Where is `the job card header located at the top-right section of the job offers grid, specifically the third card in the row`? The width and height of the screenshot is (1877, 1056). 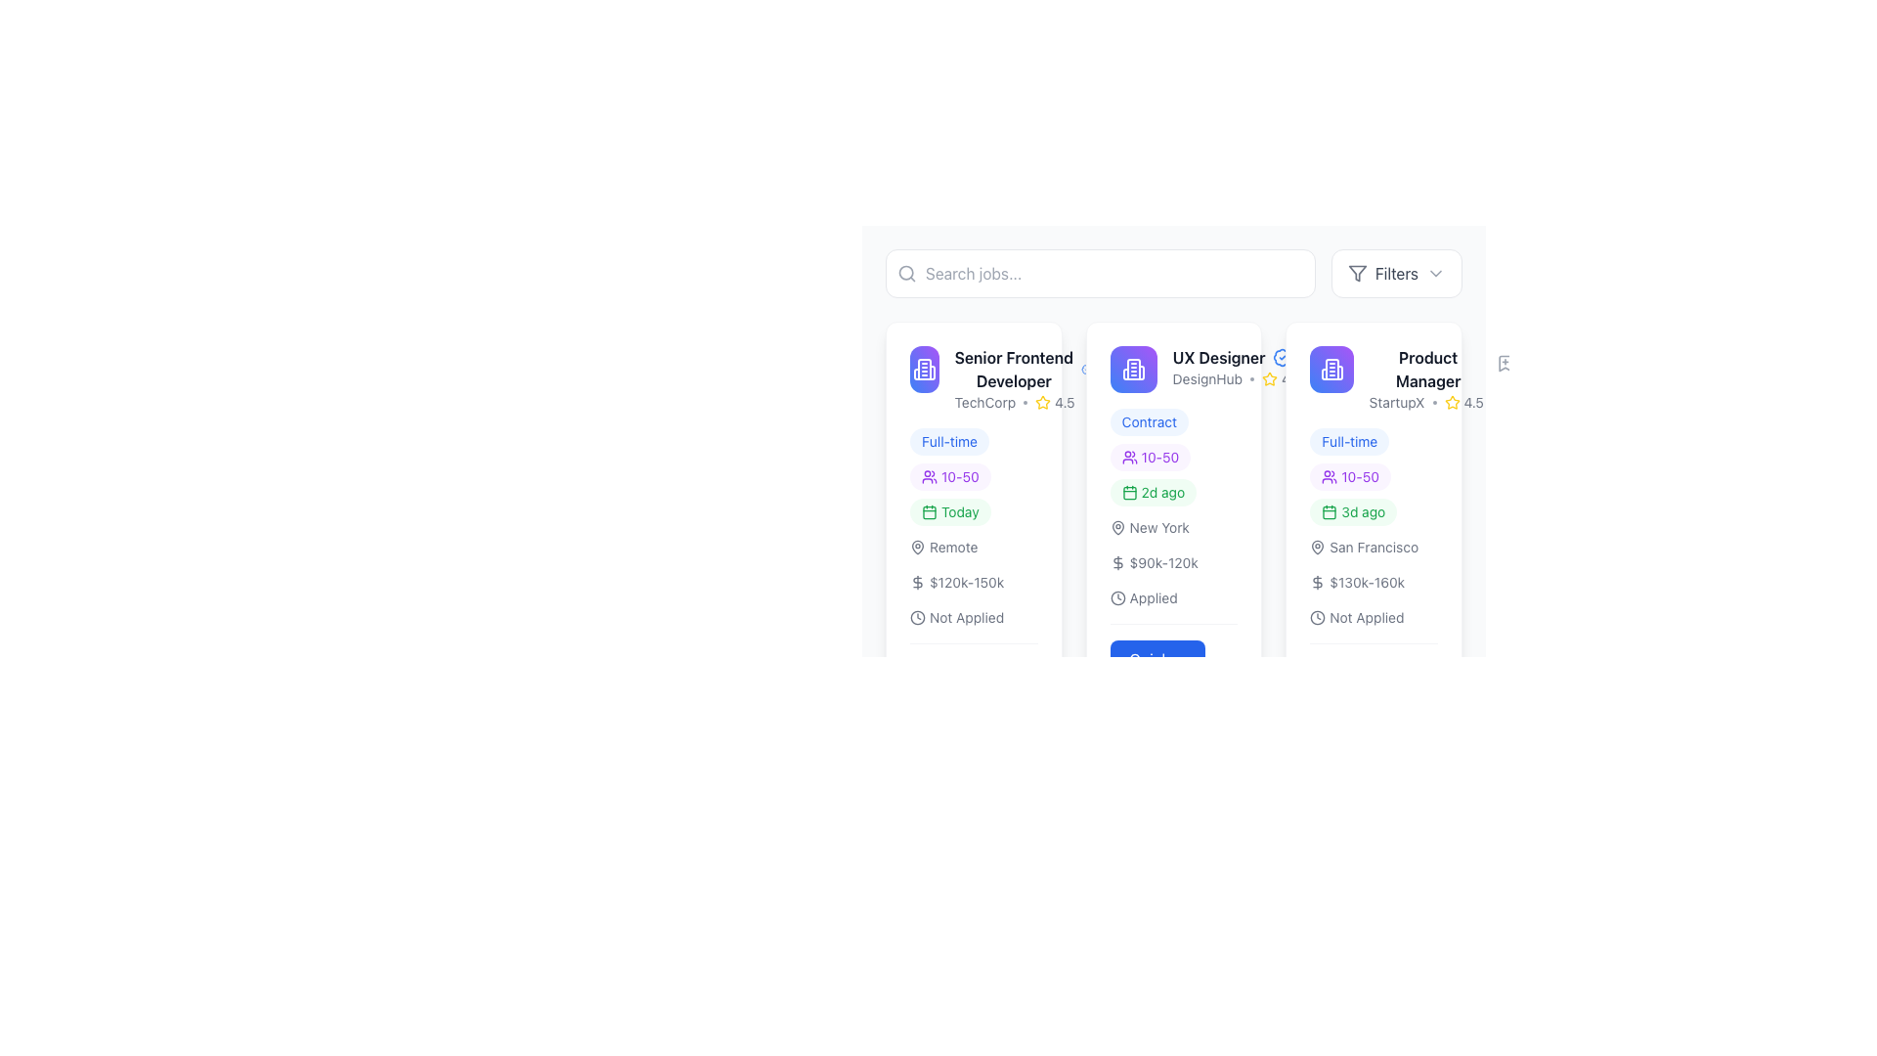
the job card header located at the top-right section of the job offers grid, specifically the third card in the row is located at coordinates (1397, 379).